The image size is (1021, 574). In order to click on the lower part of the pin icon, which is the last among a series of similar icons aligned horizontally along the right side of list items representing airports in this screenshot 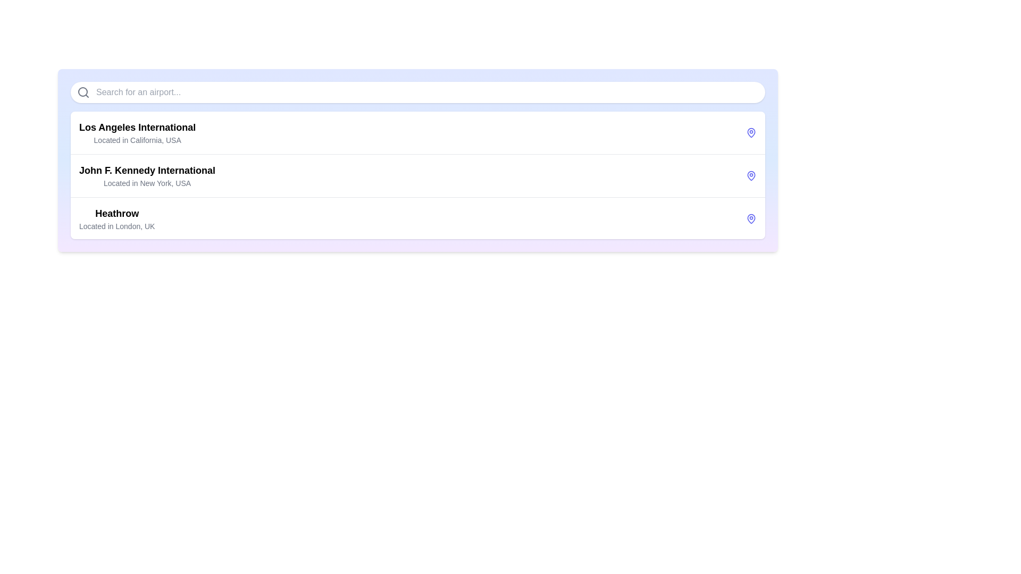, I will do `click(750, 218)`.